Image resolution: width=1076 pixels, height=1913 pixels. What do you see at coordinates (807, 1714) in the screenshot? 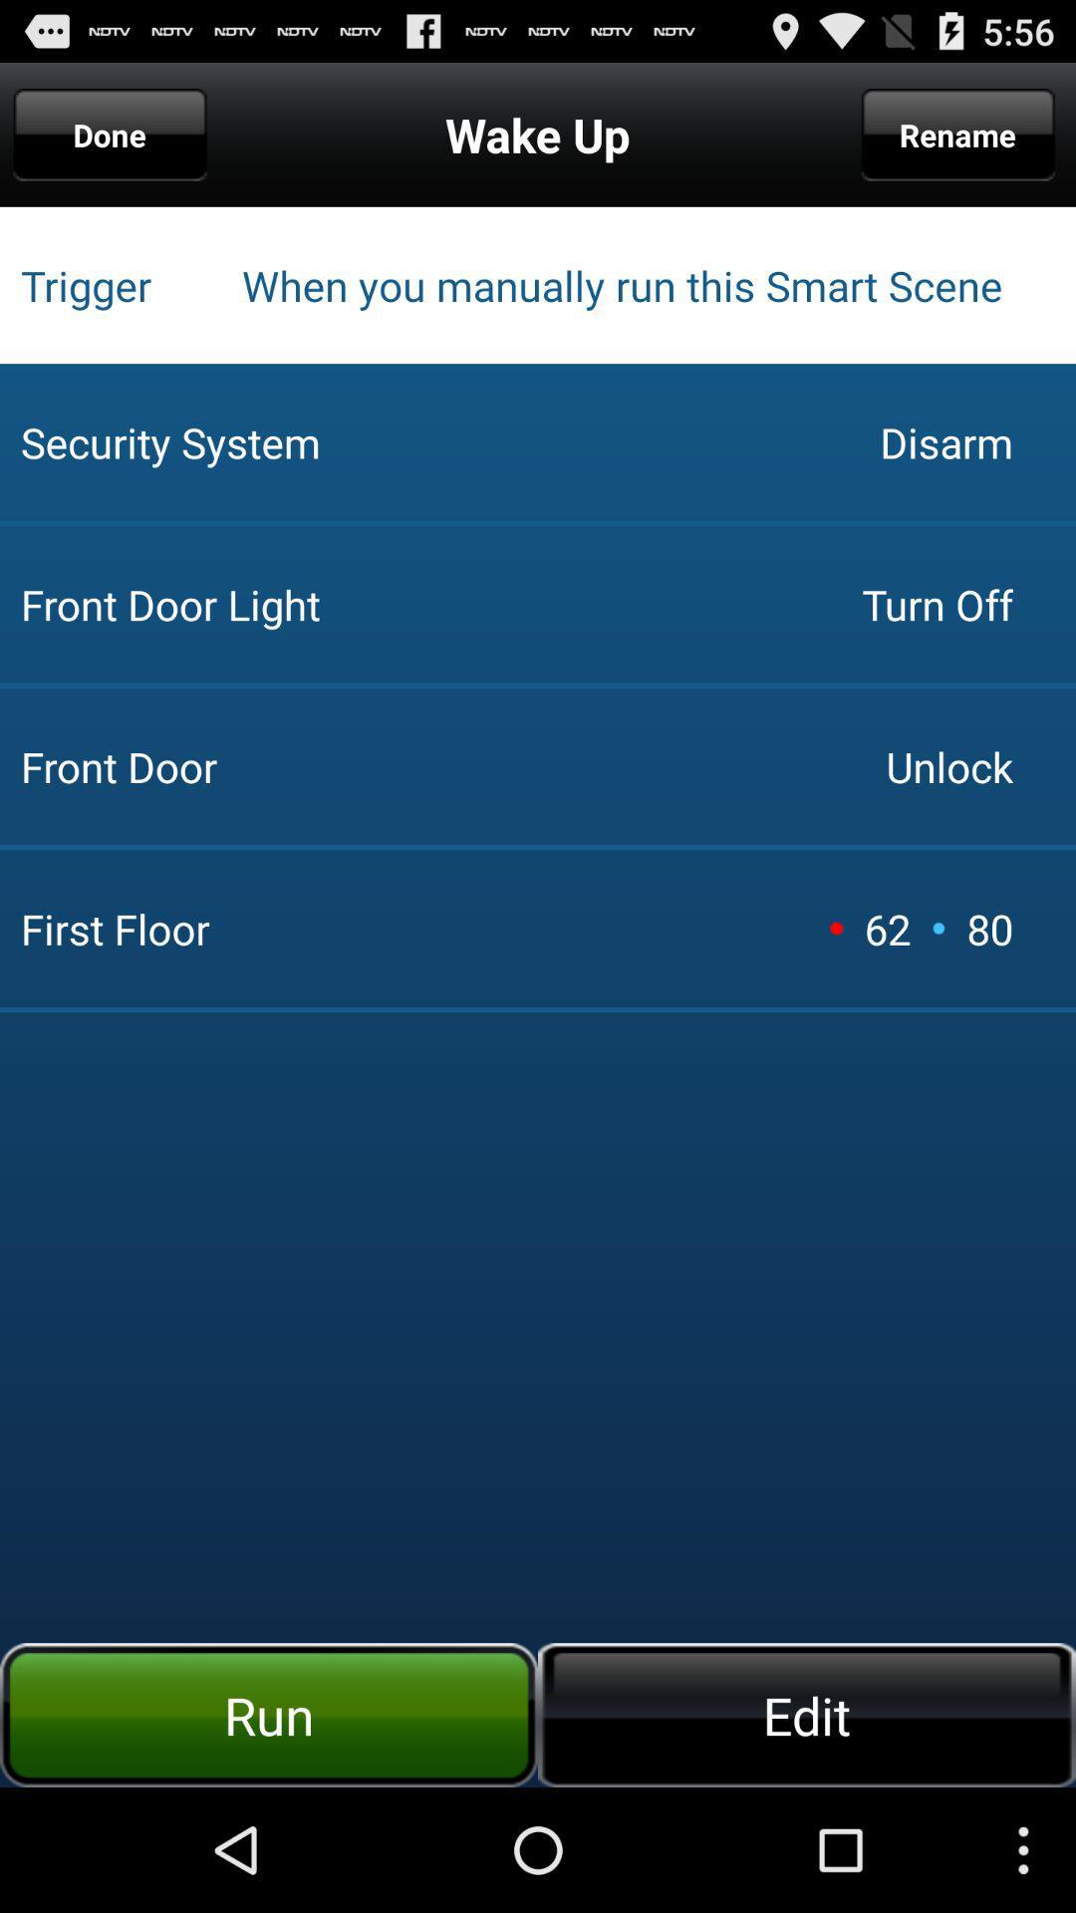
I see `item at the bottom right corner` at bounding box center [807, 1714].